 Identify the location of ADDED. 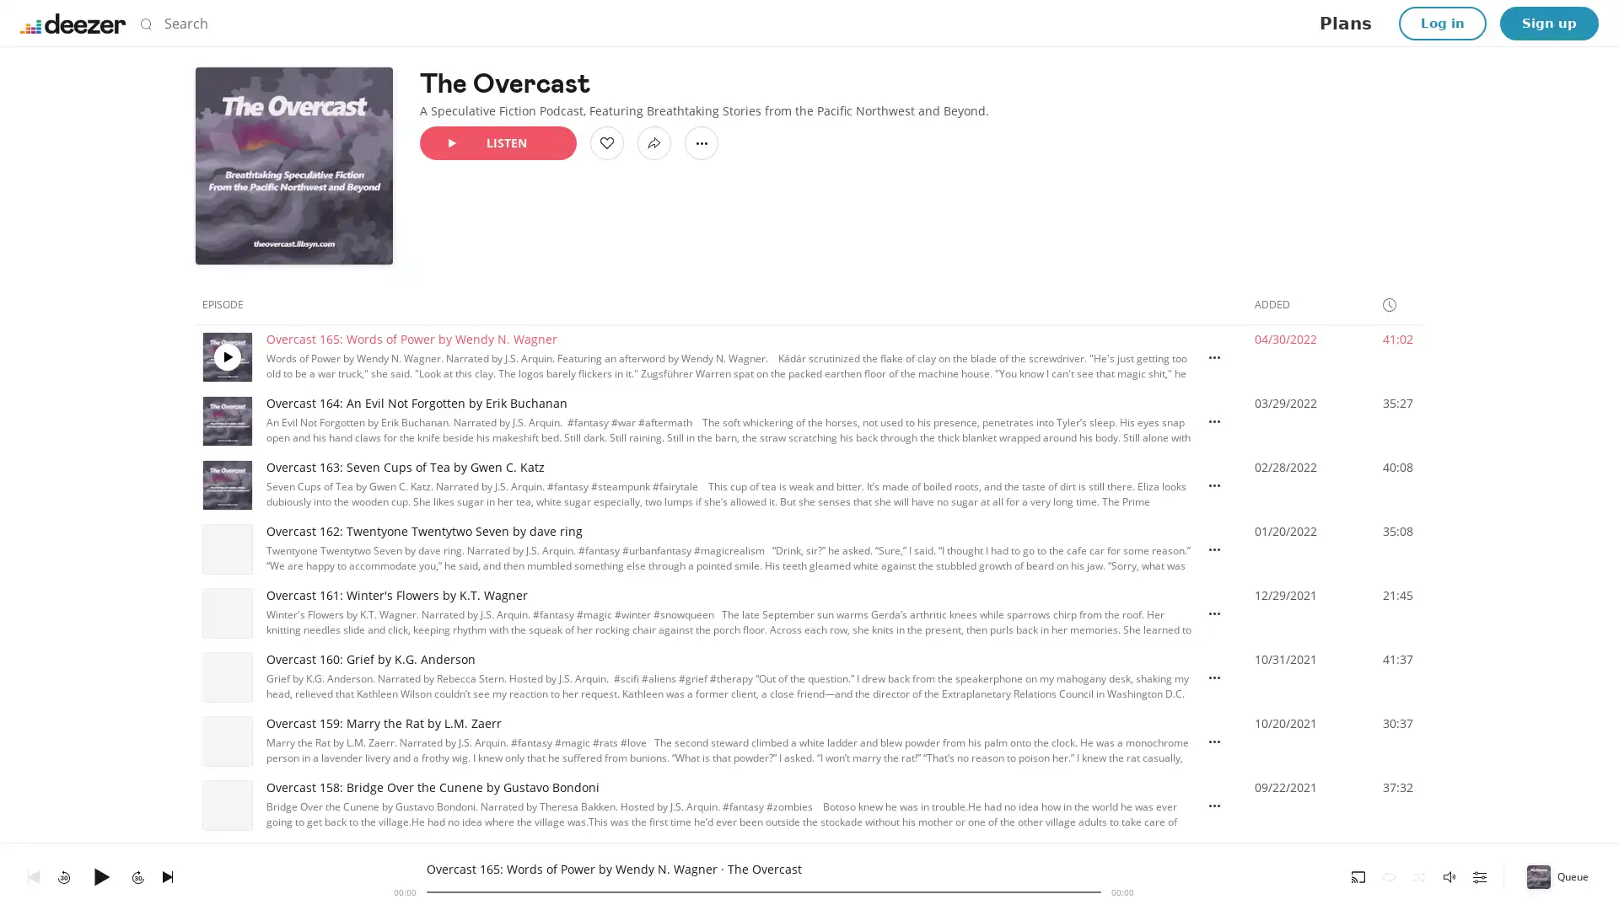
(1279, 304).